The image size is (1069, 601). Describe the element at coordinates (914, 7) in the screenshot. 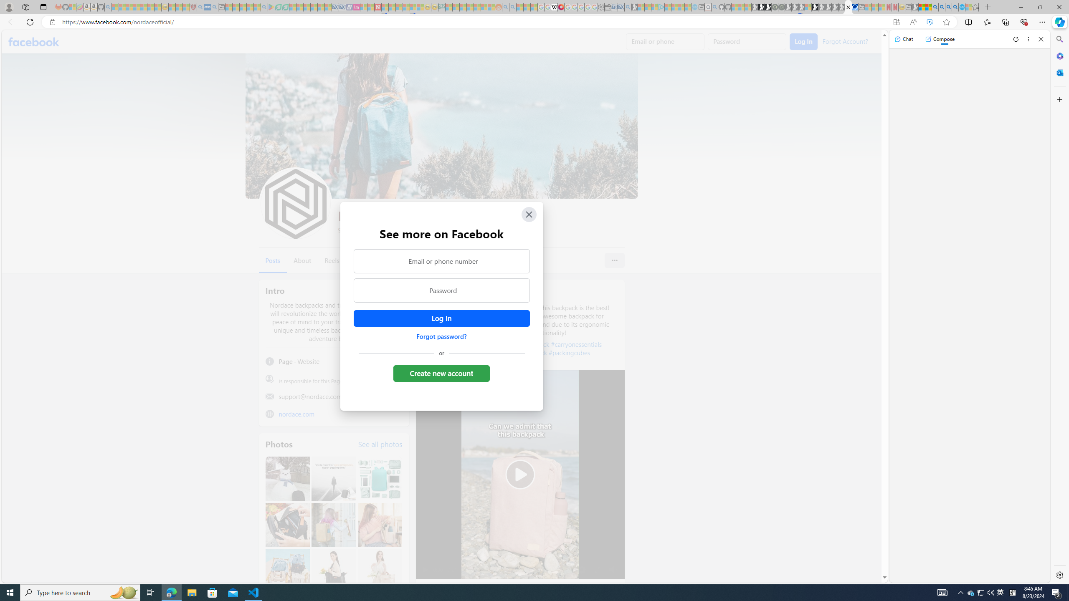

I see `'MSN - Sleeping'` at that location.